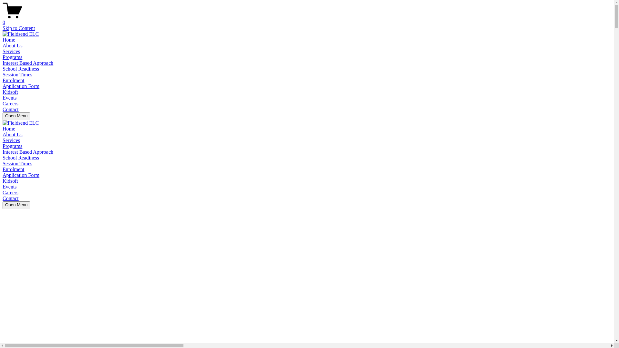 This screenshot has width=619, height=348. What do you see at coordinates (16, 205) in the screenshot?
I see `'Open Menu'` at bounding box center [16, 205].